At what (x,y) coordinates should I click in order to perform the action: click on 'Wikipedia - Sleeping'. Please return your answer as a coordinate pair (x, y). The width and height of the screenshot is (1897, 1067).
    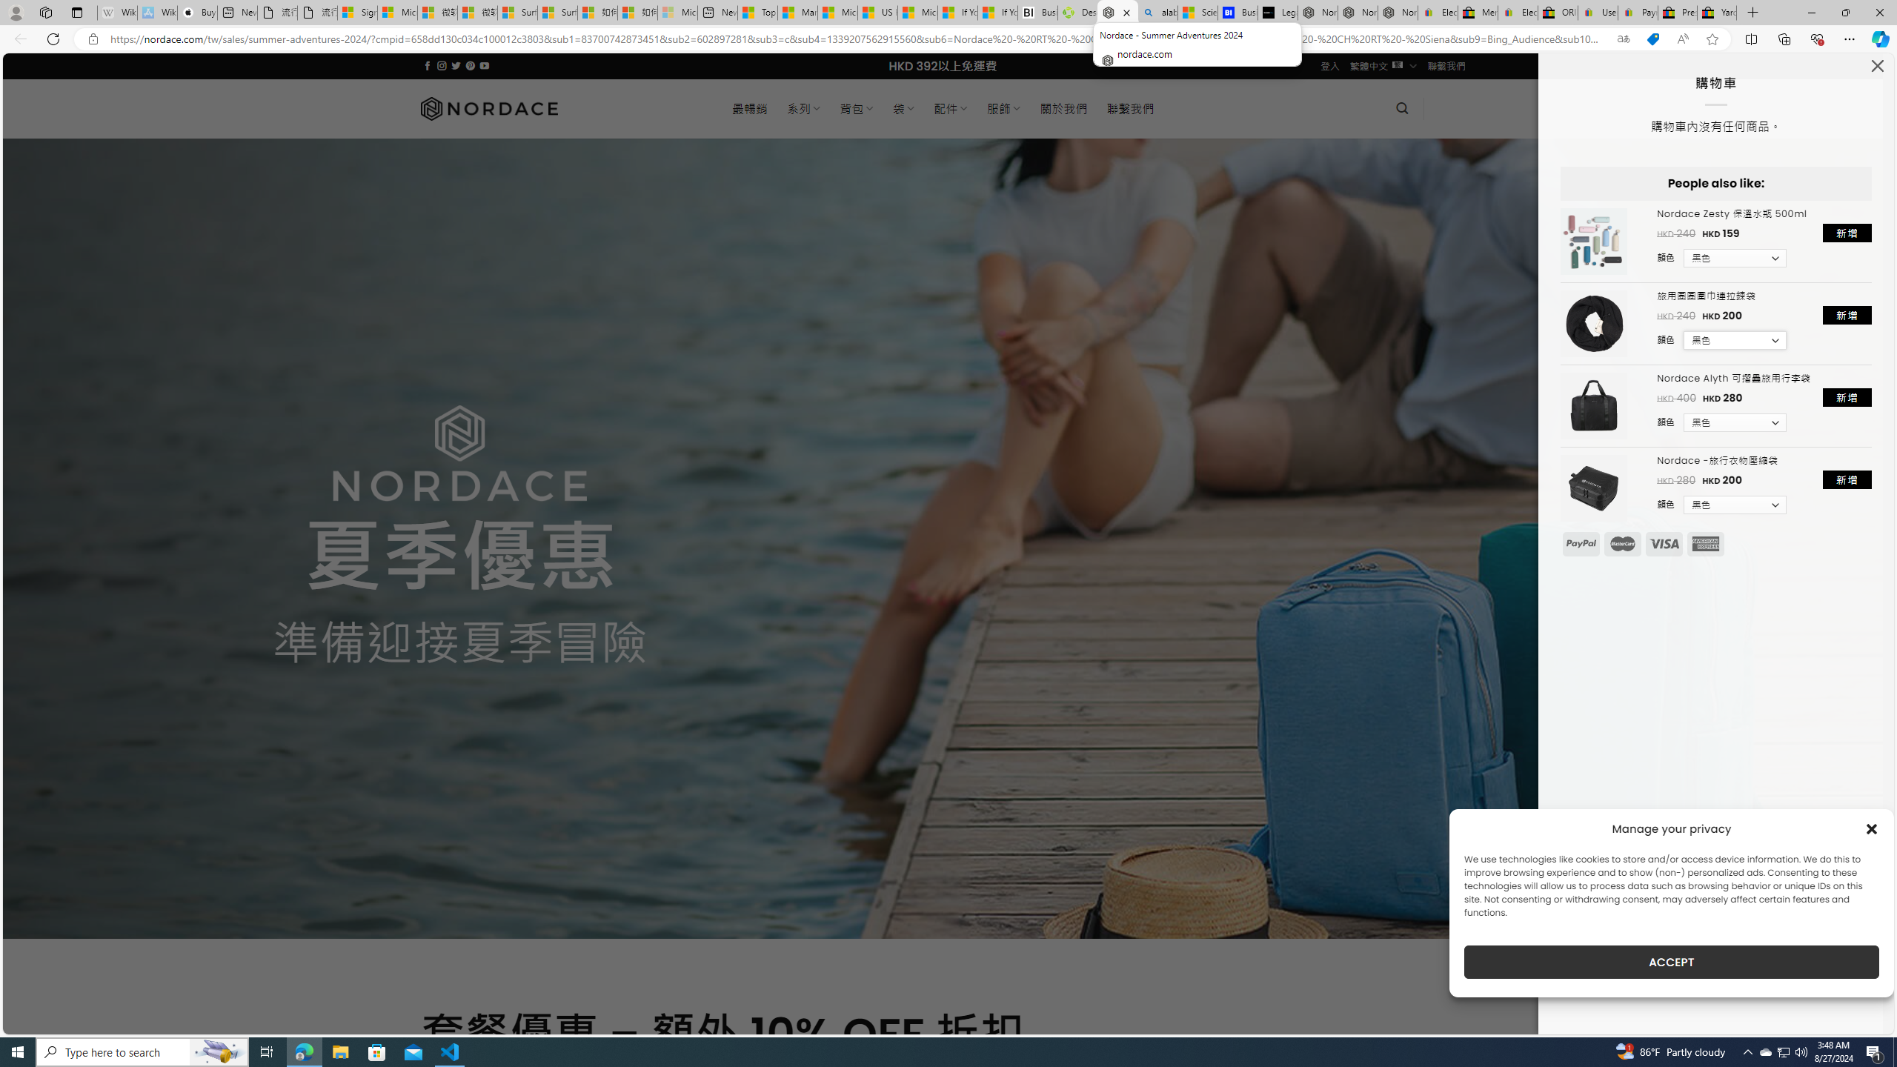
    Looking at the image, I should click on (117, 12).